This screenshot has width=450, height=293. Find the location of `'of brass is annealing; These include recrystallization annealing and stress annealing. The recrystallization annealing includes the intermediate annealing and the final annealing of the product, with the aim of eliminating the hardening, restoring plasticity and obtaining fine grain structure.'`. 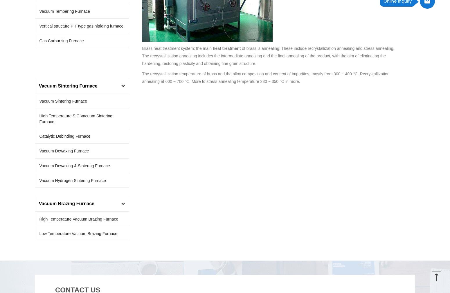

'of brass is annealing; These include recrystallization annealing and stress annealing. The recrystallization annealing includes the intermediate annealing and the final annealing of the product, with the aim of eliminating the hardening, restoring plasticity and obtaining fine grain structure.' is located at coordinates (268, 55).